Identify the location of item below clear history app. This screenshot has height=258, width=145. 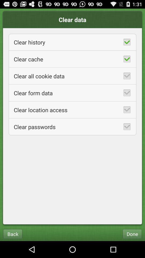
(73, 59).